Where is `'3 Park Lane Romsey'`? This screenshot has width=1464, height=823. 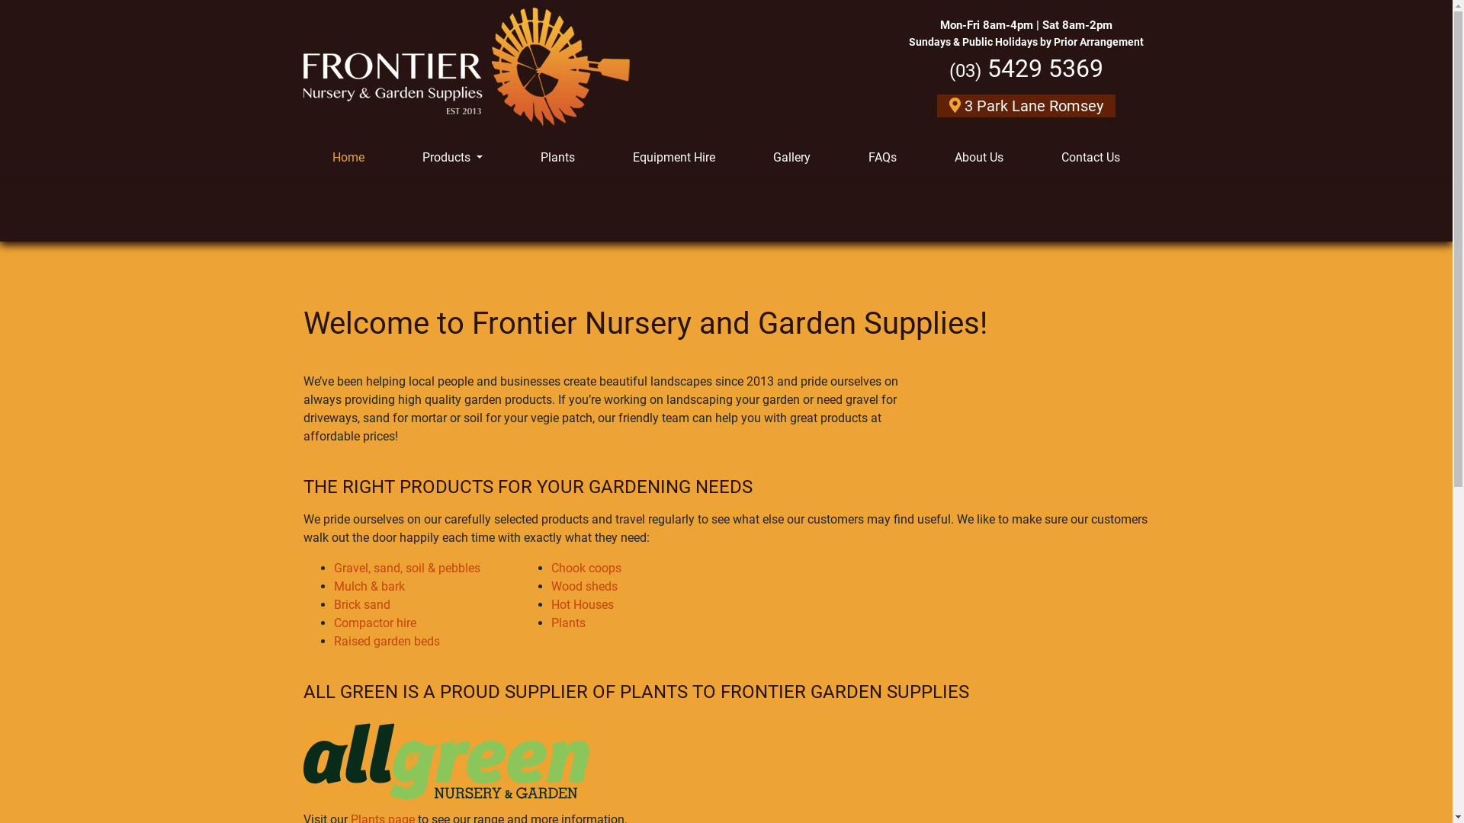
'3 Park Lane Romsey' is located at coordinates (1025, 104).